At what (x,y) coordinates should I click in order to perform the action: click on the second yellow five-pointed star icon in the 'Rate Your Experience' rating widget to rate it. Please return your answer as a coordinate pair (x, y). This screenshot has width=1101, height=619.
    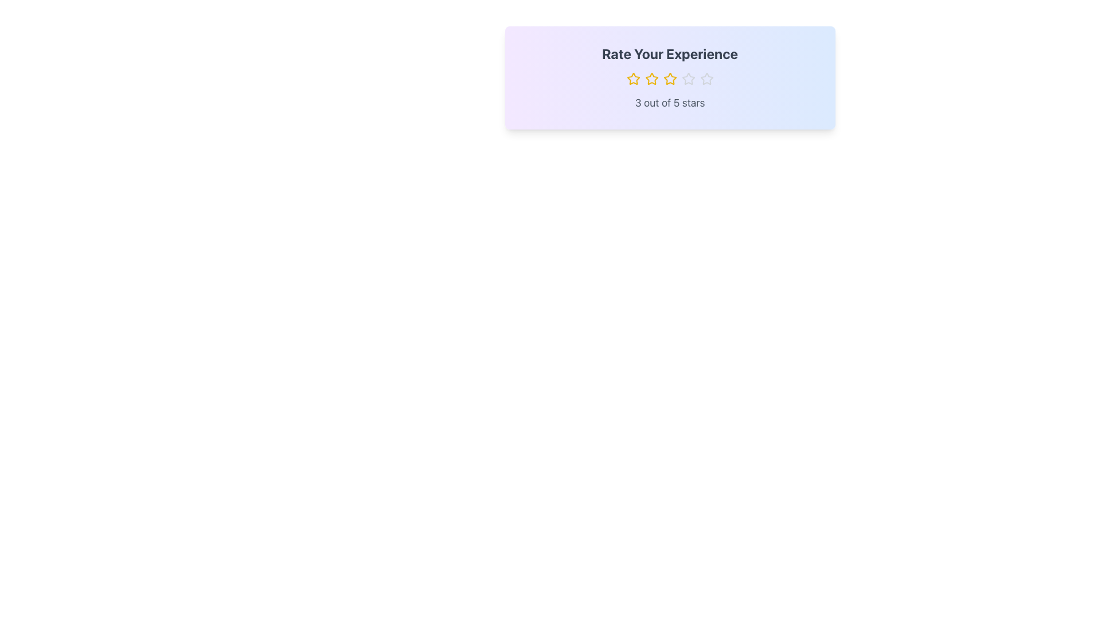
    Looking at the image, I should click on (651, 78).